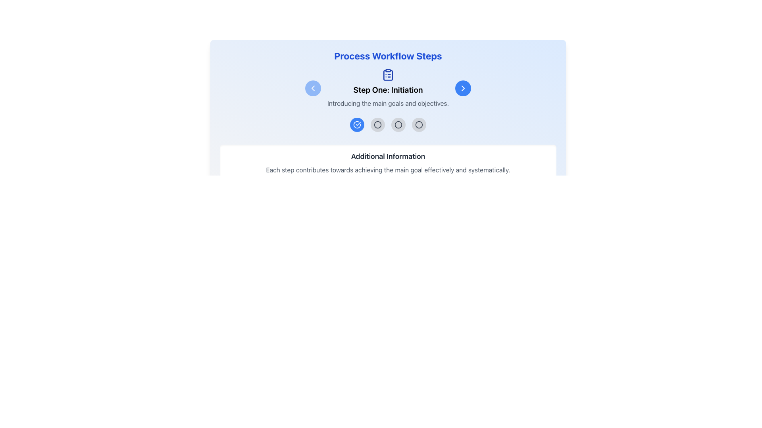 Image resolution: width=762 pixels, height=428 pixels. Describe the element at coordinates (377, 125) in the screenshot. I see `the second button from the left in a row of four circular buttons` at that location.